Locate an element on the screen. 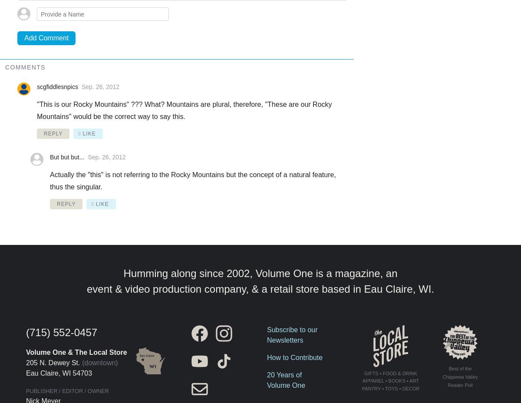  'Add Comment' is located at coordinates (46, 37).